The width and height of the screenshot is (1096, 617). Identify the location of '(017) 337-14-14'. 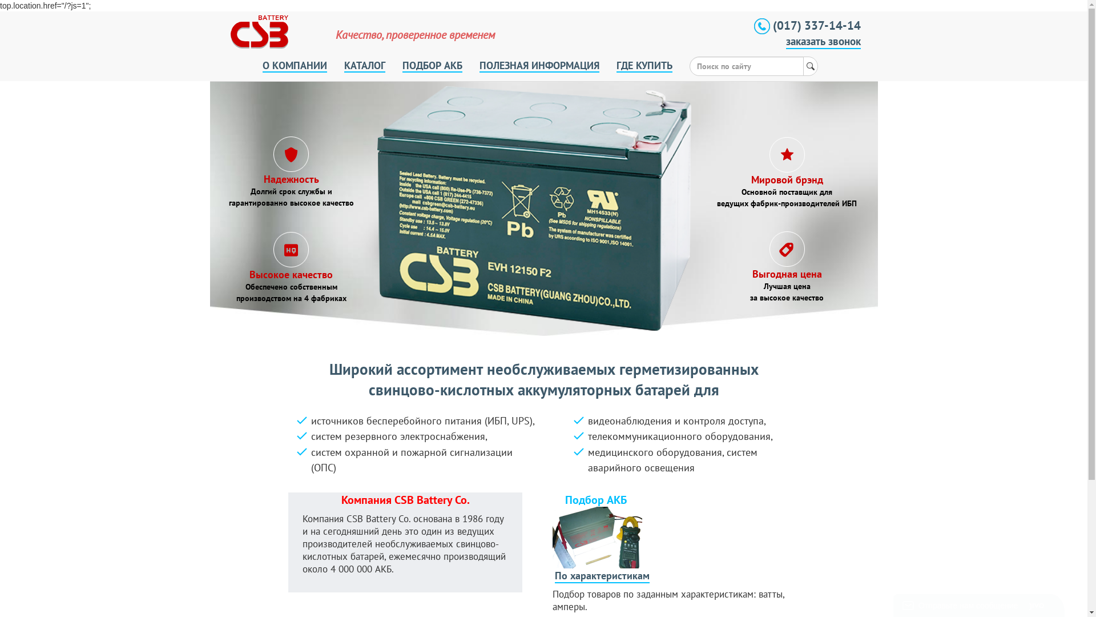
(753, 25).